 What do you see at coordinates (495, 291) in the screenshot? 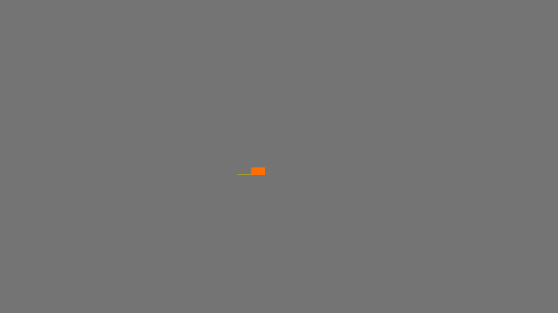
I see `SIGN UP FOR OUR NEWSLETTER` at bounding box center [495, 291].